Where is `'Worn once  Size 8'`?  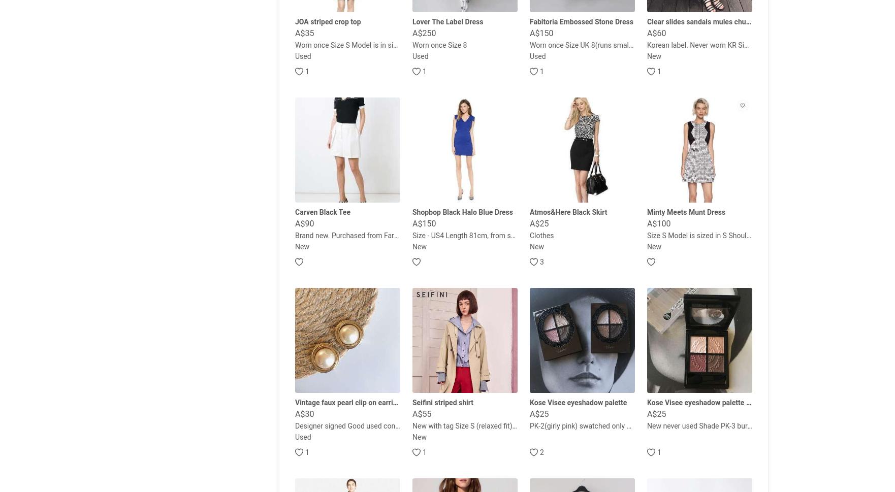
'Worn once  Size 8' is located at coordinates (439, 44).